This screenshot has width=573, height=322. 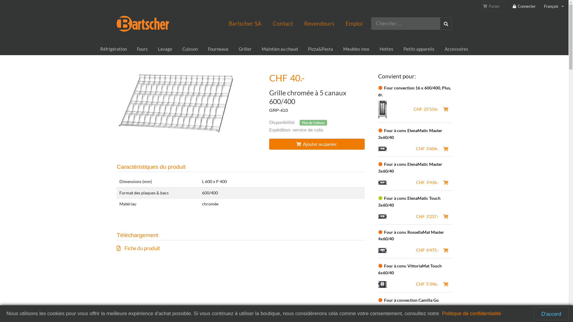 What do you see at coordinates (478, 6) in the screenshot?
I see `'Panier'` at bounding box center [478, 6].